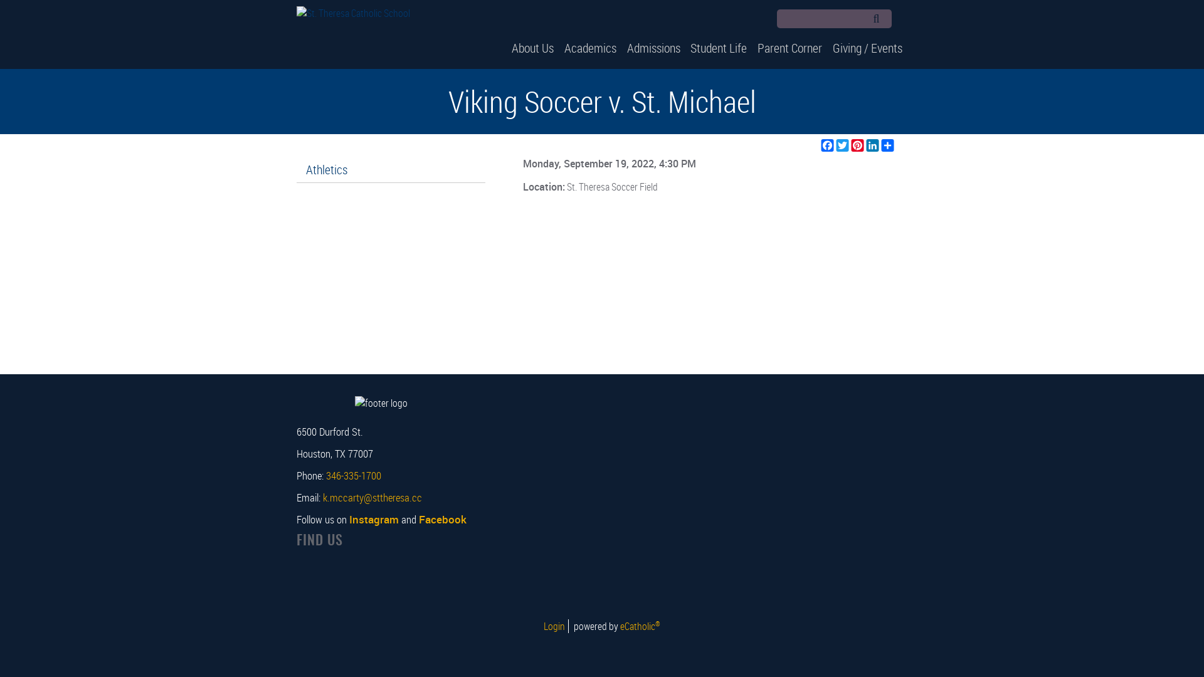 The height and width of the screenshot is (677, 1204). Describe the element at coordinates (652, 47) in the screenshot. I see `'Admissions'` at that location.